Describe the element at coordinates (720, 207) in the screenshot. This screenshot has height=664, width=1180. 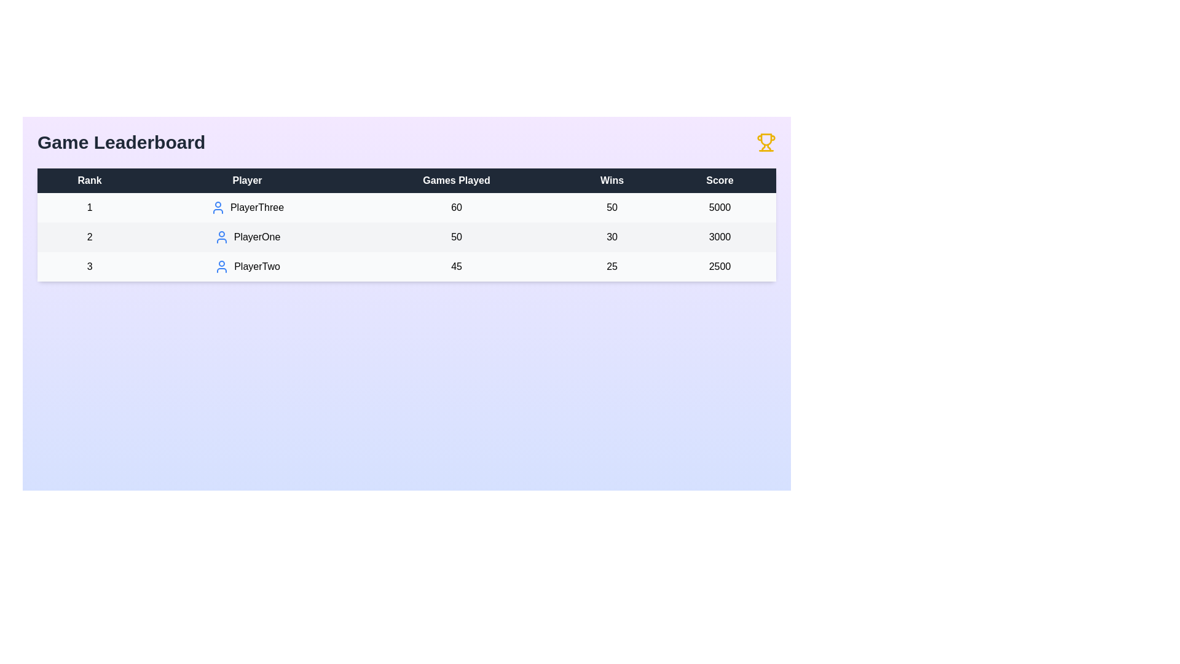
I see `the numeral '5000' displayed in bold black text, located in the last column of the leaderboard table for 'PlayerThree'` at that location.